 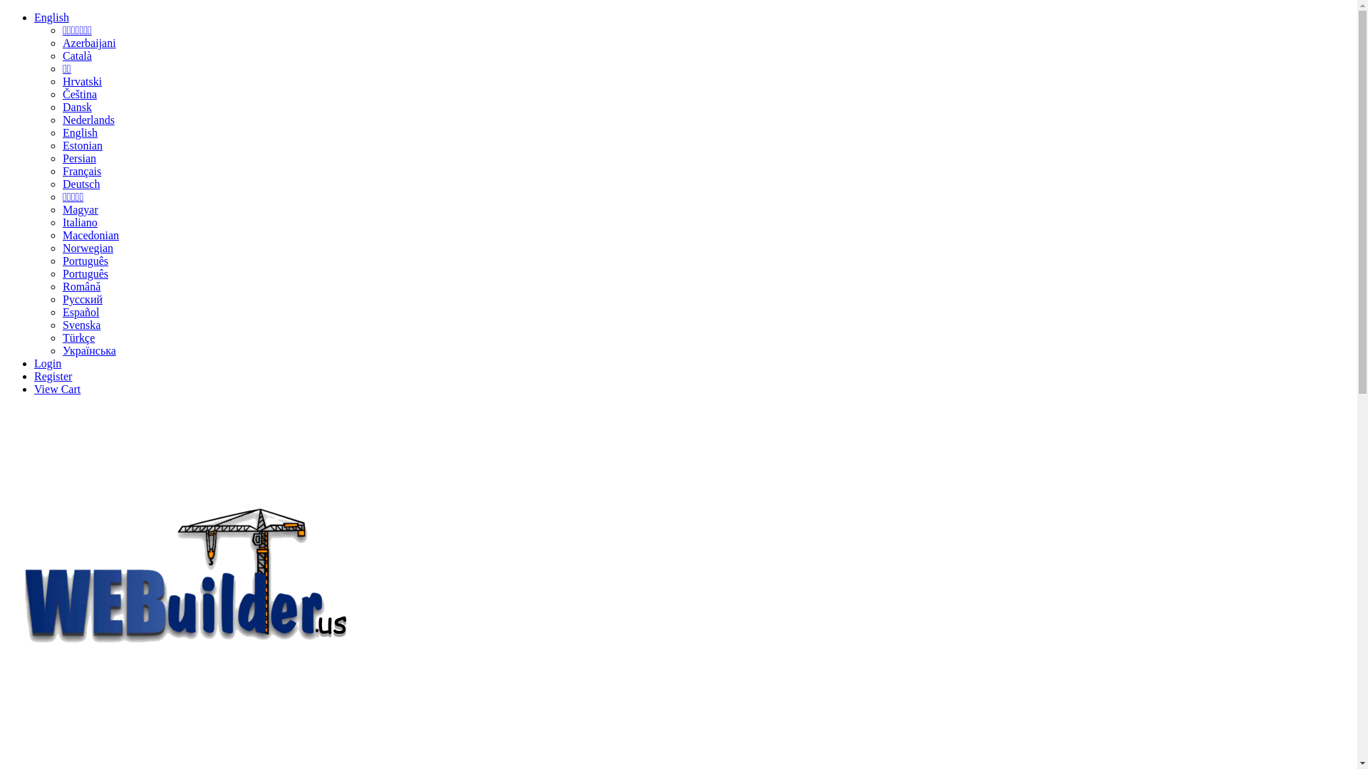 What do you see at coordinates (51, 17) in the screenshot?
I see `'English'` at bounding box center [51, 17].